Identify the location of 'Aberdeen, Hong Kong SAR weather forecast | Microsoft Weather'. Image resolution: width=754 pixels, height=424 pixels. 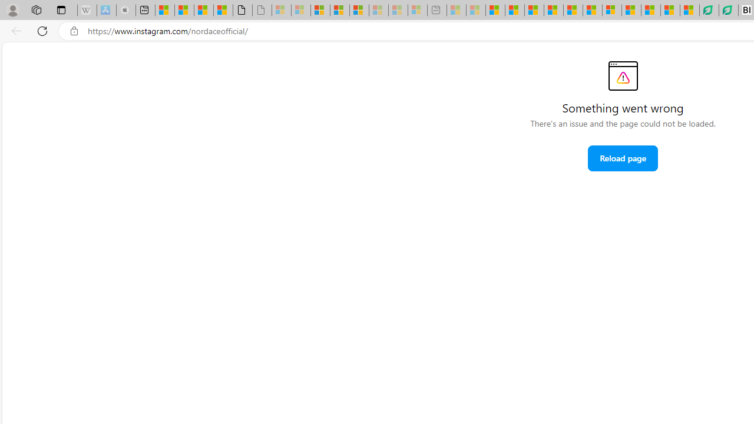
(183, 10).